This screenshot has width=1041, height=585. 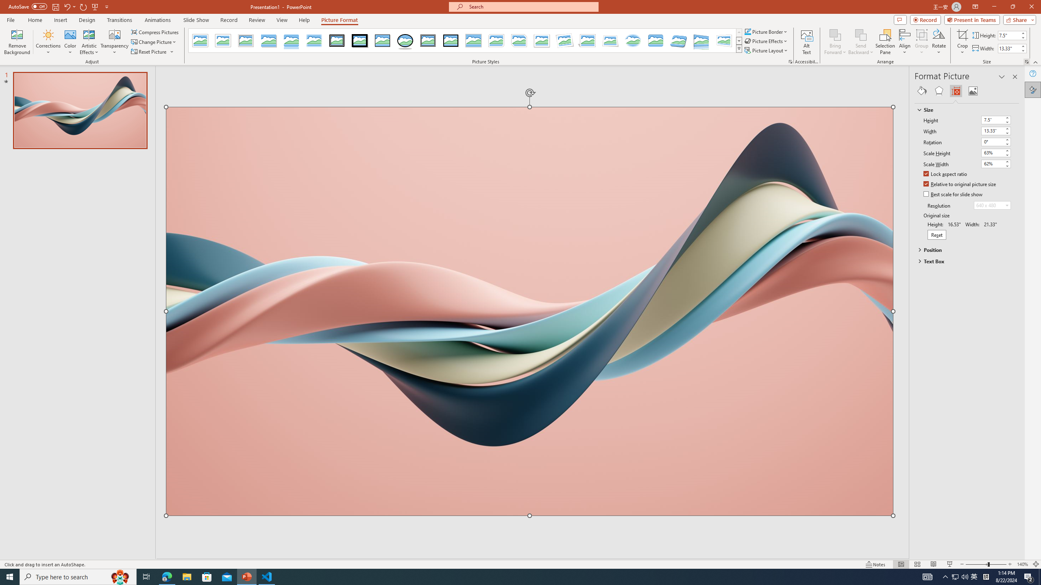 I want to click on 'Quick Access Toolbar', so click(x=59, y=6).